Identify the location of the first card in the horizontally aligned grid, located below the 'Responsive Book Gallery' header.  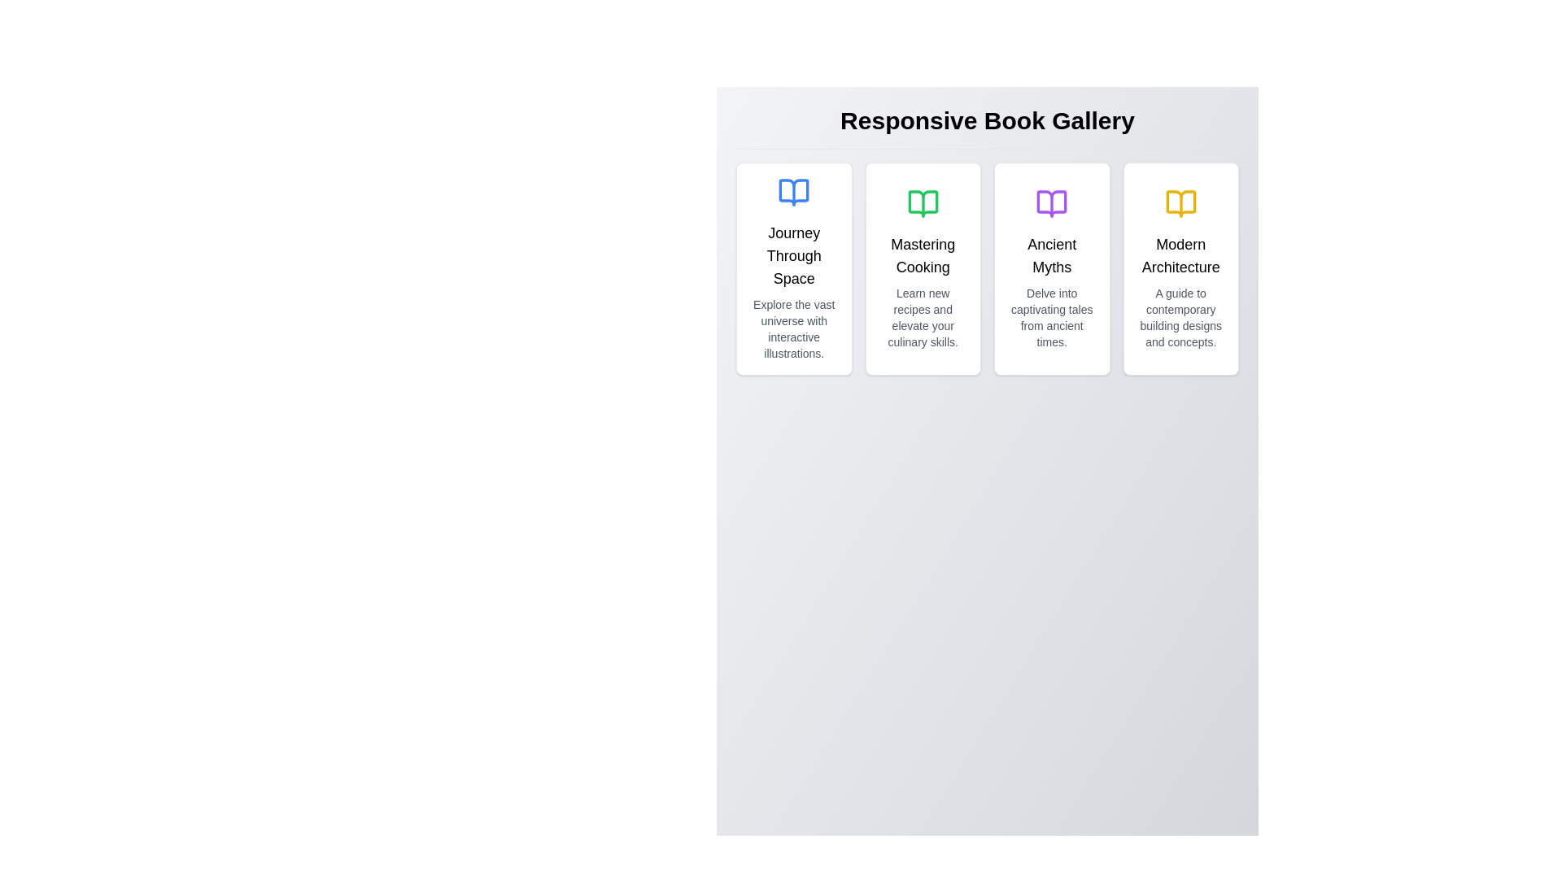
(794, 268).